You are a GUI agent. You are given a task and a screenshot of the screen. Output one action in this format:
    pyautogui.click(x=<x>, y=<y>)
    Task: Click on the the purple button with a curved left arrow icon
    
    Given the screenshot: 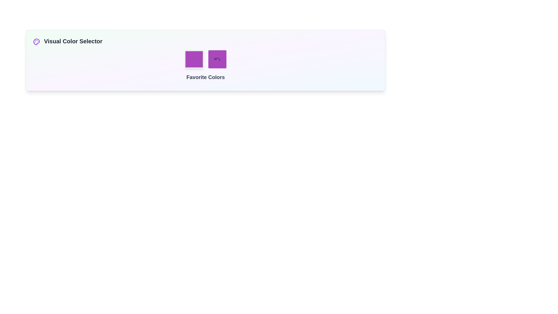 What is the action you would take?
    pyautogui.click(x=217, y=59)
    